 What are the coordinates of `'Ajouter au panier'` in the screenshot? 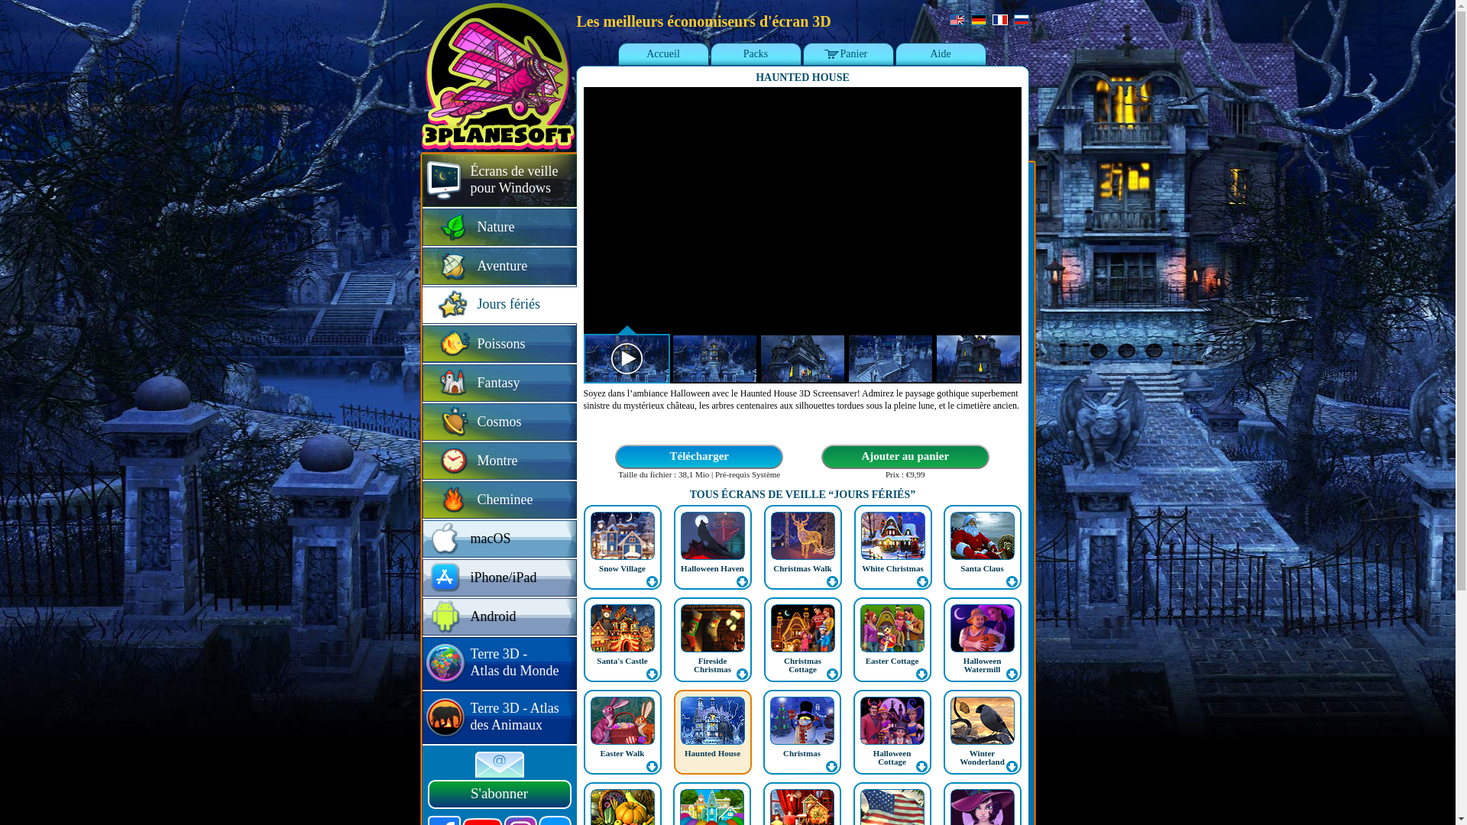 It's located at (819, 456).